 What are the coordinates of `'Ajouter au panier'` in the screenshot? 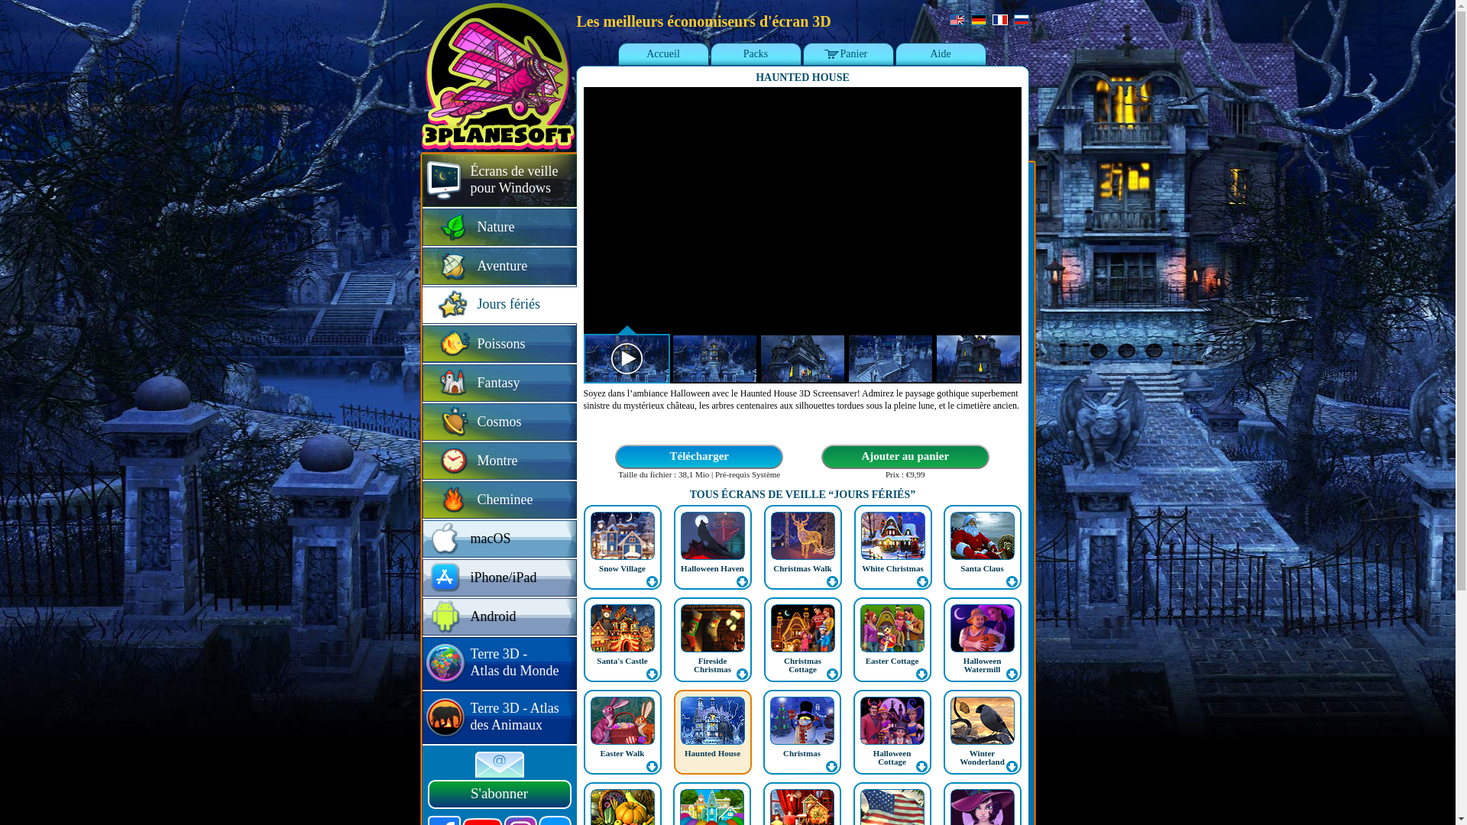 It's located at (819, 456).